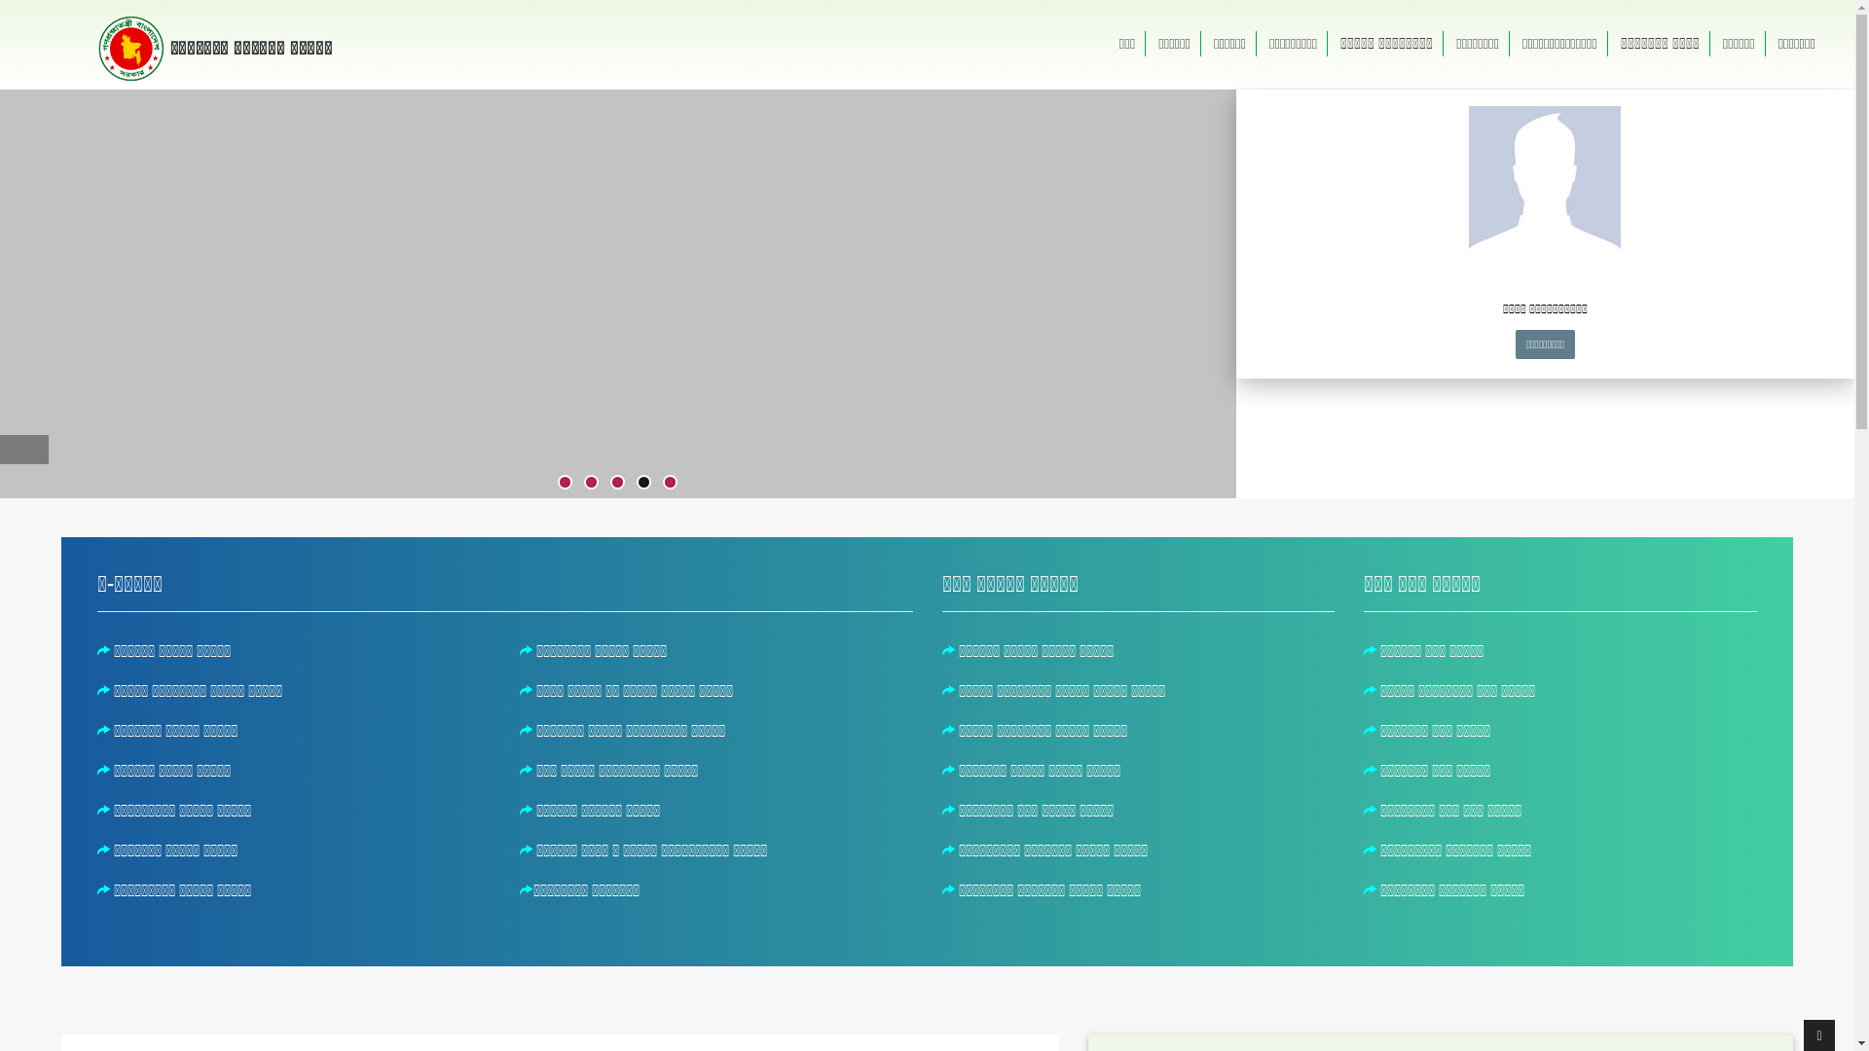 The image size is (1869, 1051). I want to click on '2', so click(584, 482).